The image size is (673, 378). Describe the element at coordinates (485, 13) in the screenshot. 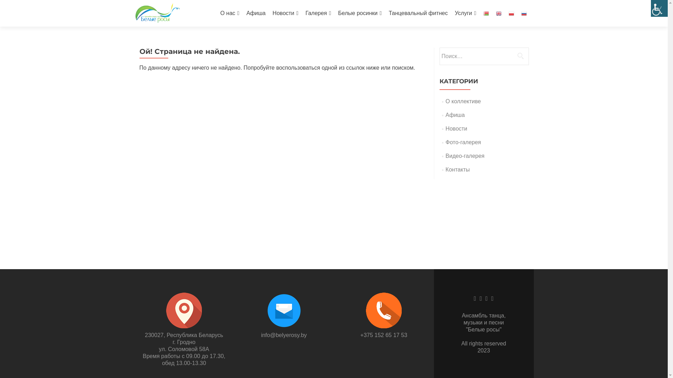

I see `'Belarusian'` at that location.